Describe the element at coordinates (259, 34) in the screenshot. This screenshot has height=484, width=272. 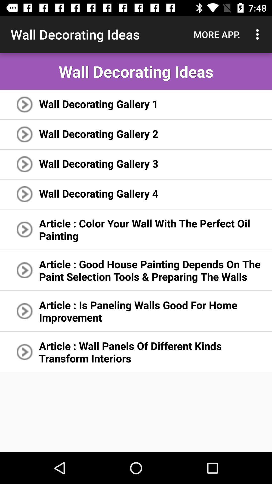
I see `the item to the right of the more app. icon` at that location.